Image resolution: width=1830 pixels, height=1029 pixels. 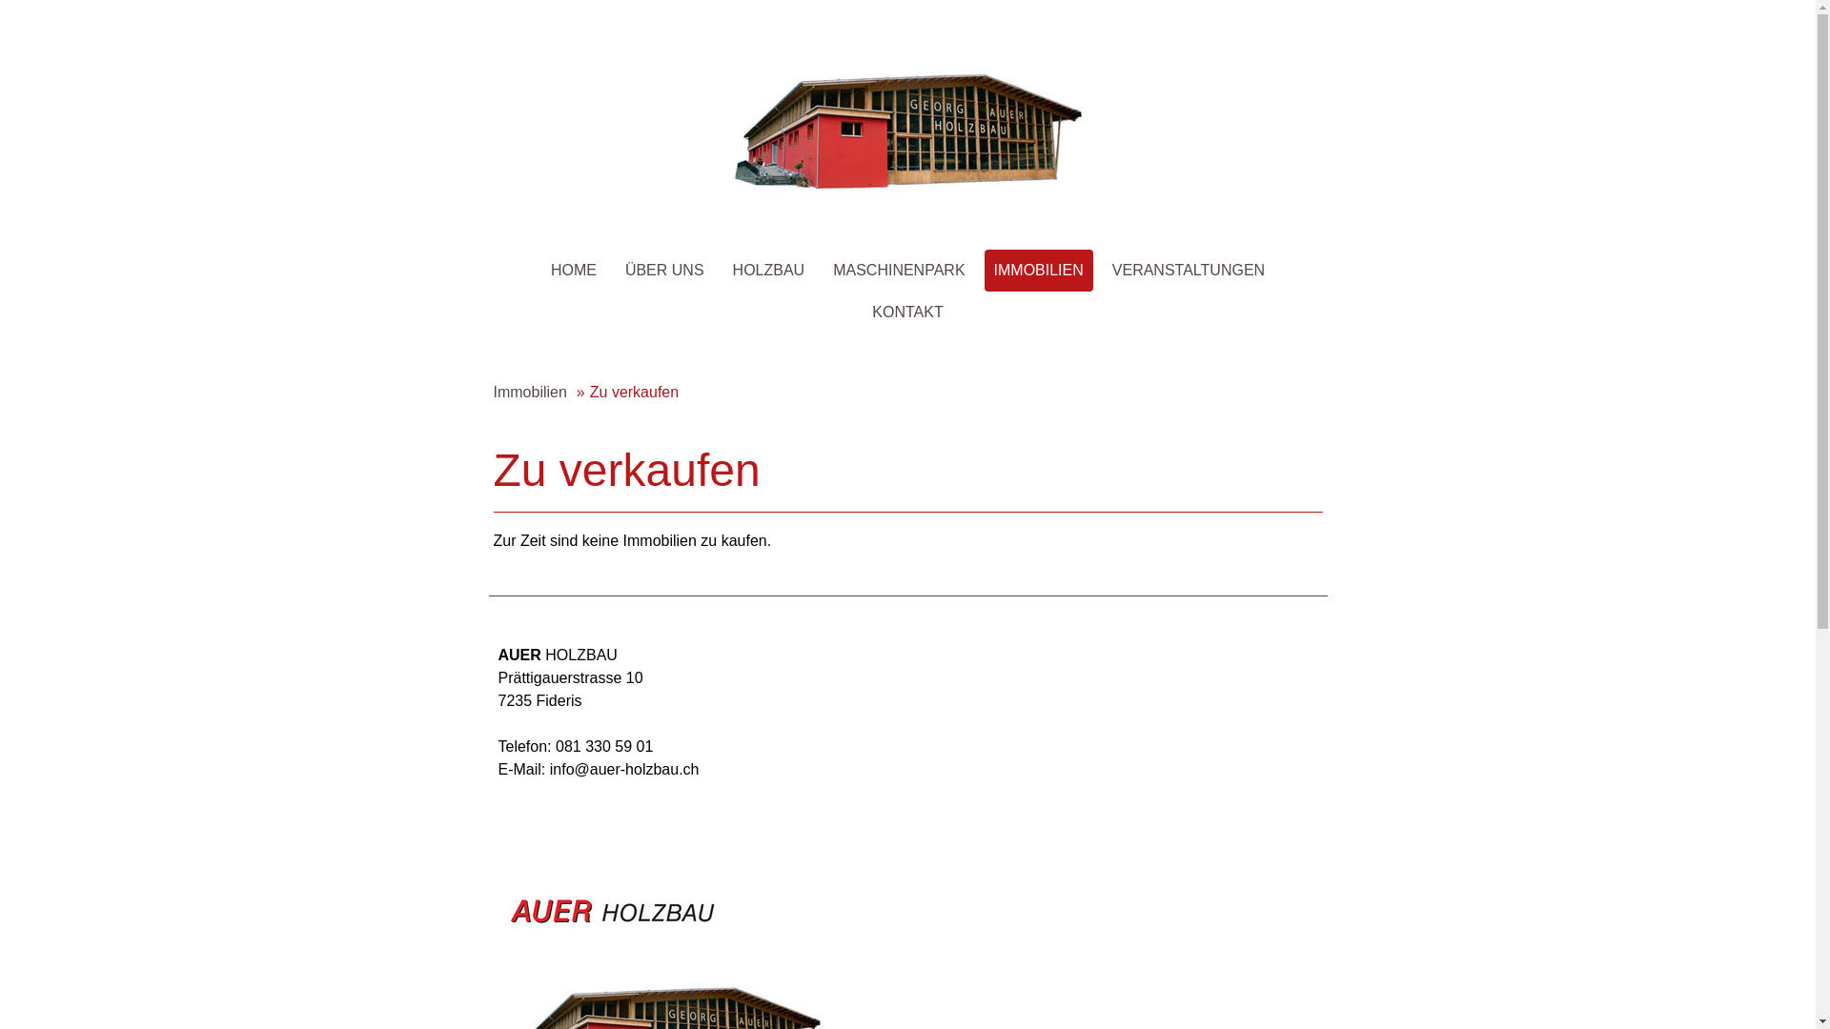 I want to click on 'Immobilien', so click(x=526, y=391).